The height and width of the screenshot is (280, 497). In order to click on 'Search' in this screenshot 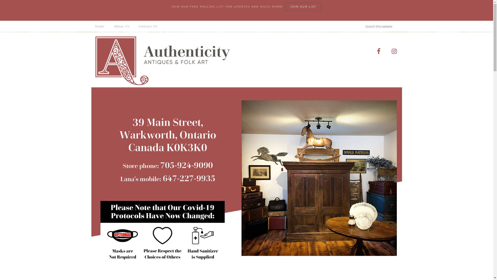, I will do `click(401, 20)`.